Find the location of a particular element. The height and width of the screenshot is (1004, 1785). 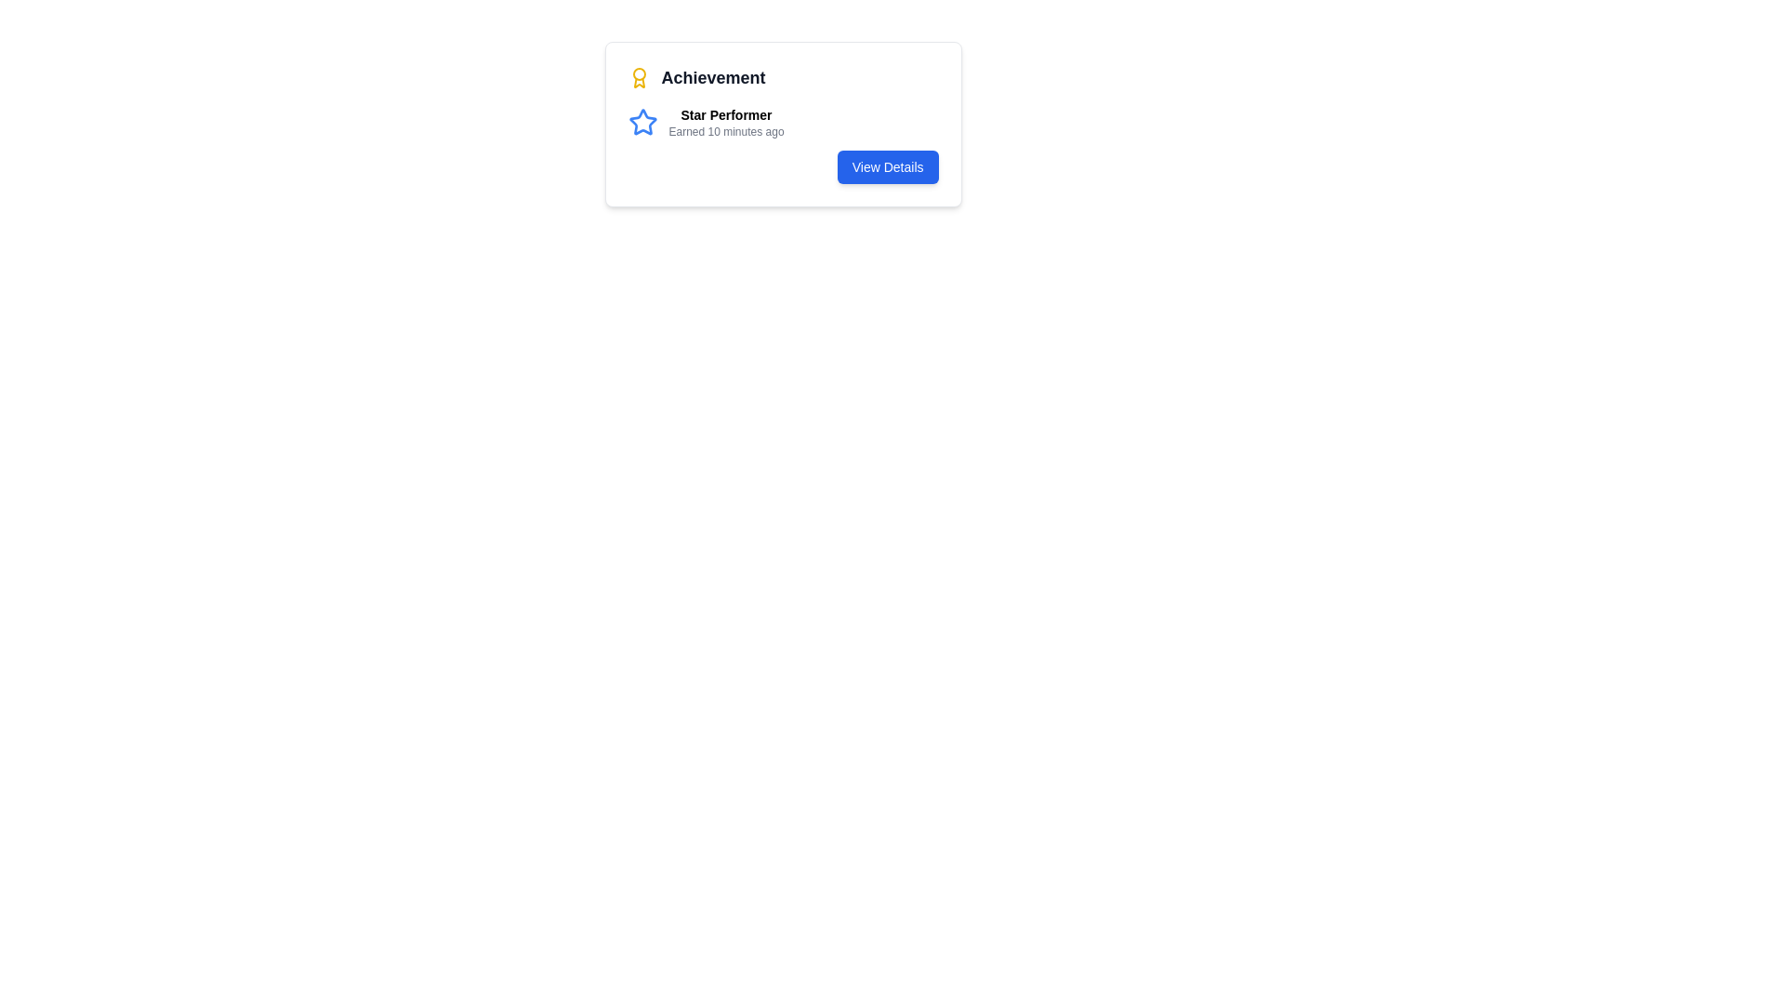

the 'View Details' button, which is a rectangular button with a blue background and white text, located at the bottom-right corner of the 'Star Performer' card is located at coordinates (887, 167).